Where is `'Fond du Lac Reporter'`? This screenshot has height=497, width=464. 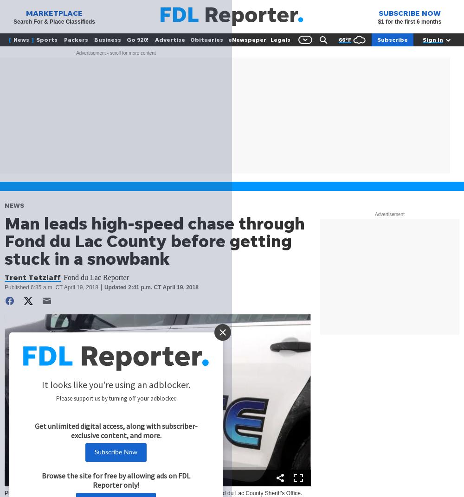 'Fond du Lac Reporter' is located at coordinates (96, 277).